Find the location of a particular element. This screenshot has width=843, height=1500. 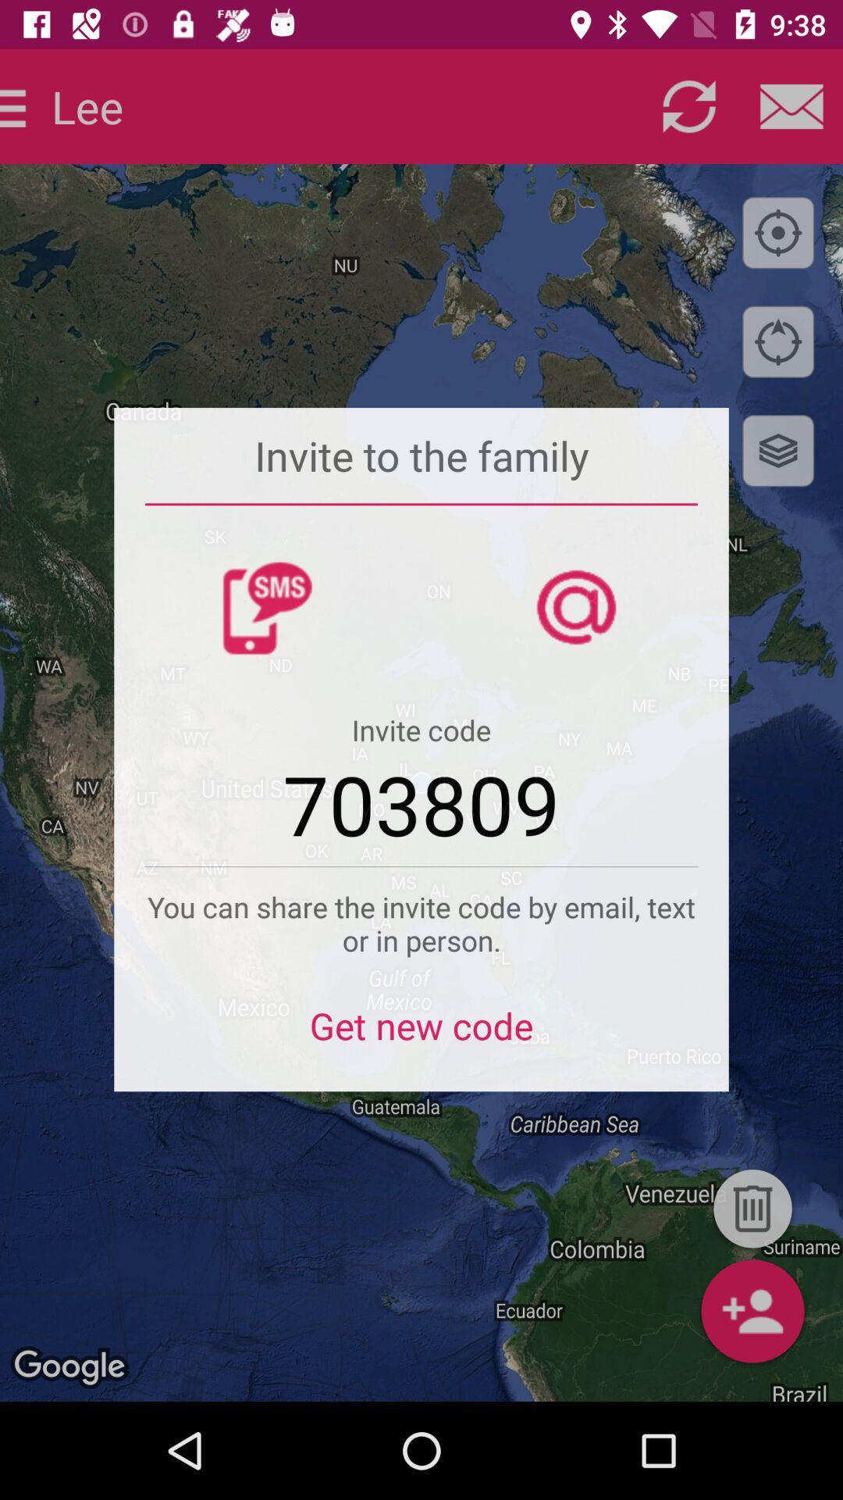

hit to refresh is located at coordinates (688, 105).